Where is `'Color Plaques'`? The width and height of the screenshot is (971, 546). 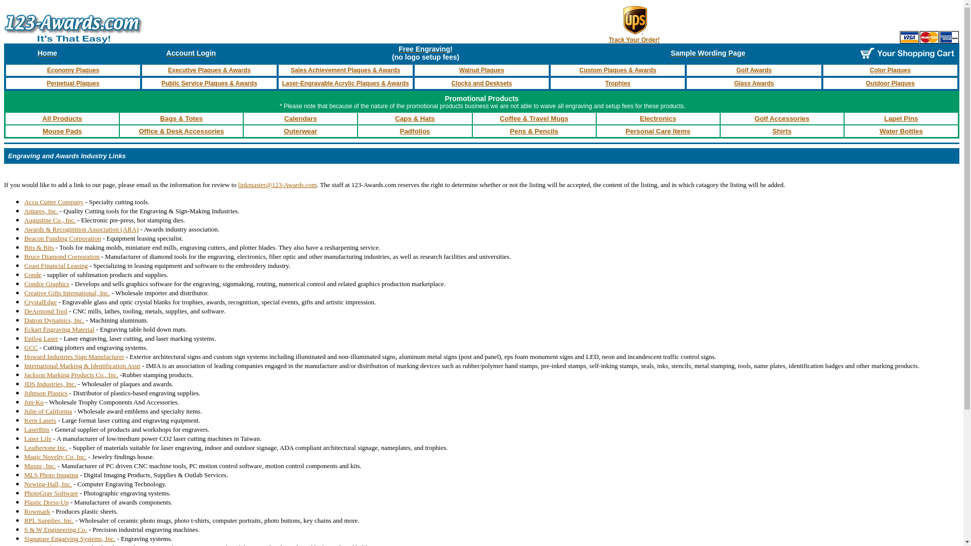 'Color Plaques' is located at coordinates (869, 69).